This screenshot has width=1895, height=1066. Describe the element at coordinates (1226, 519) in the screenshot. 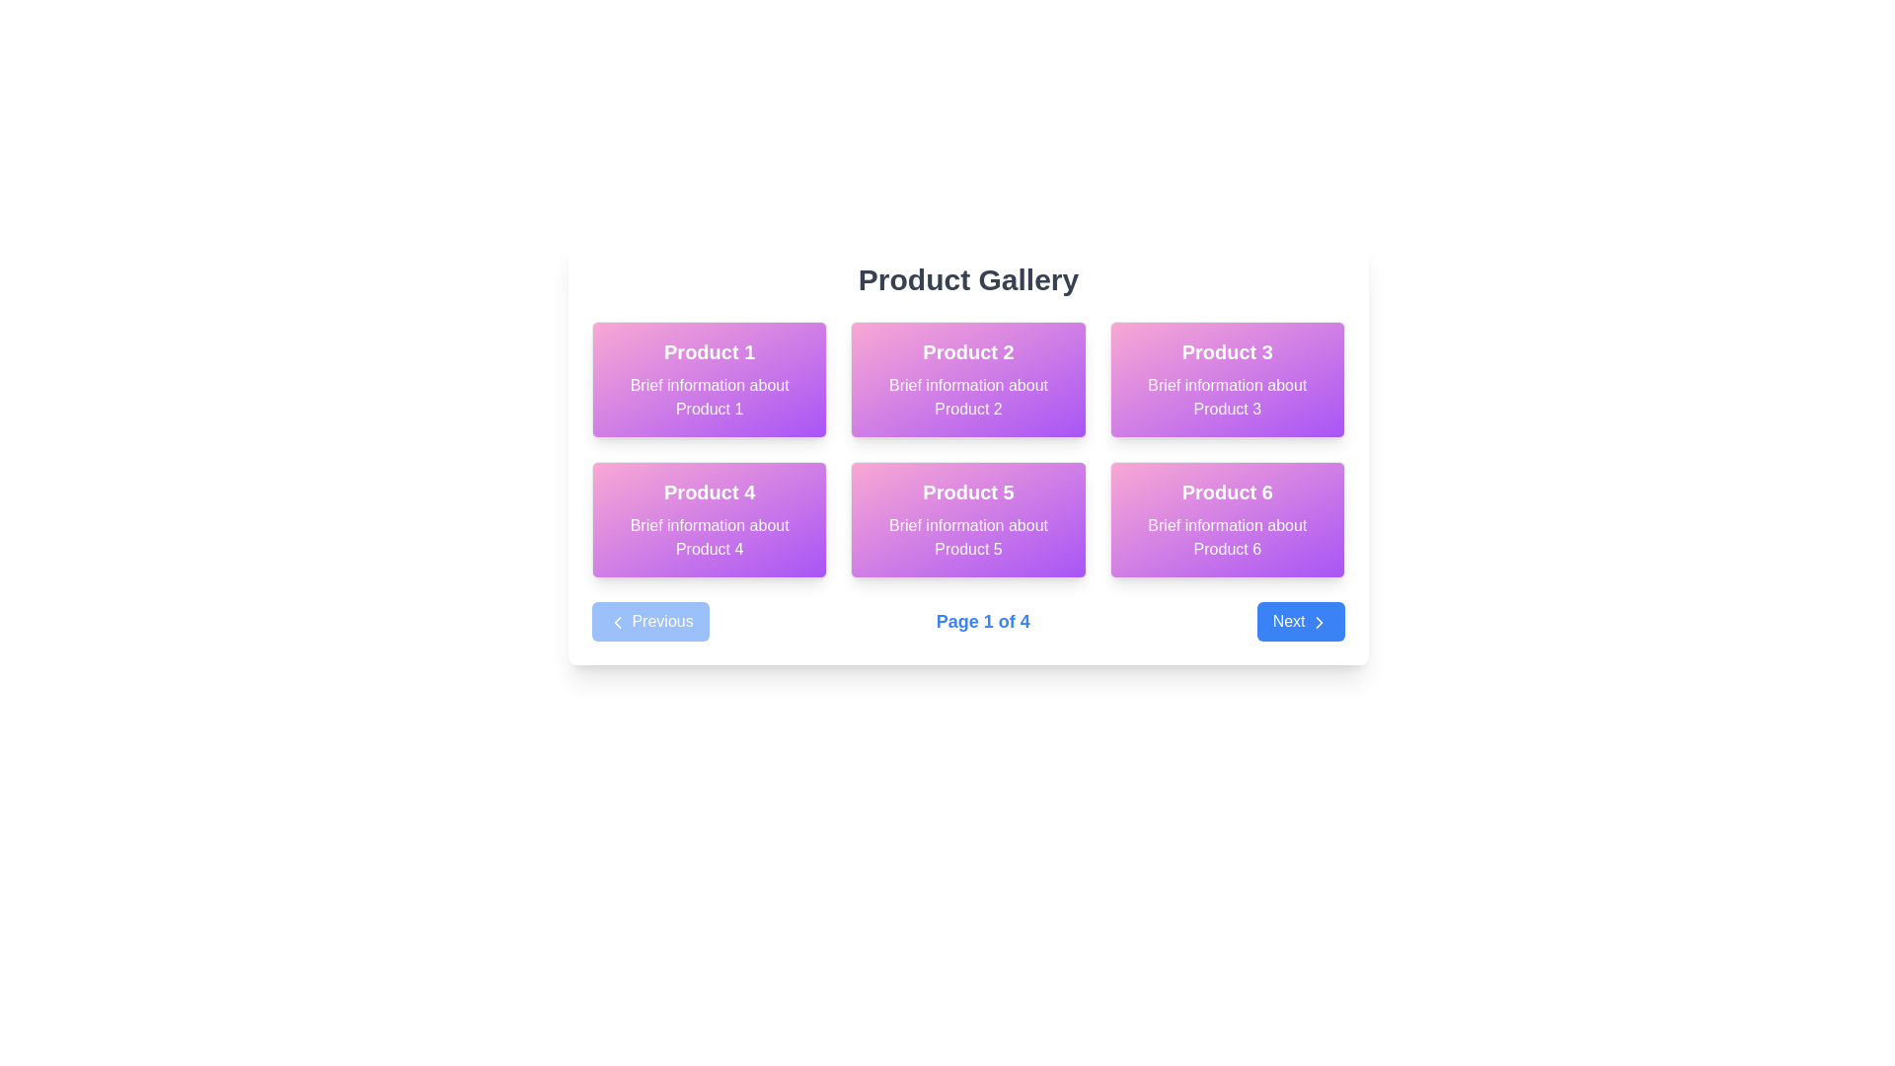

I see `the Informational Card displaying information about 'Product 6', located in the bottom-right corner of a 2x3 grid layout` at that location.